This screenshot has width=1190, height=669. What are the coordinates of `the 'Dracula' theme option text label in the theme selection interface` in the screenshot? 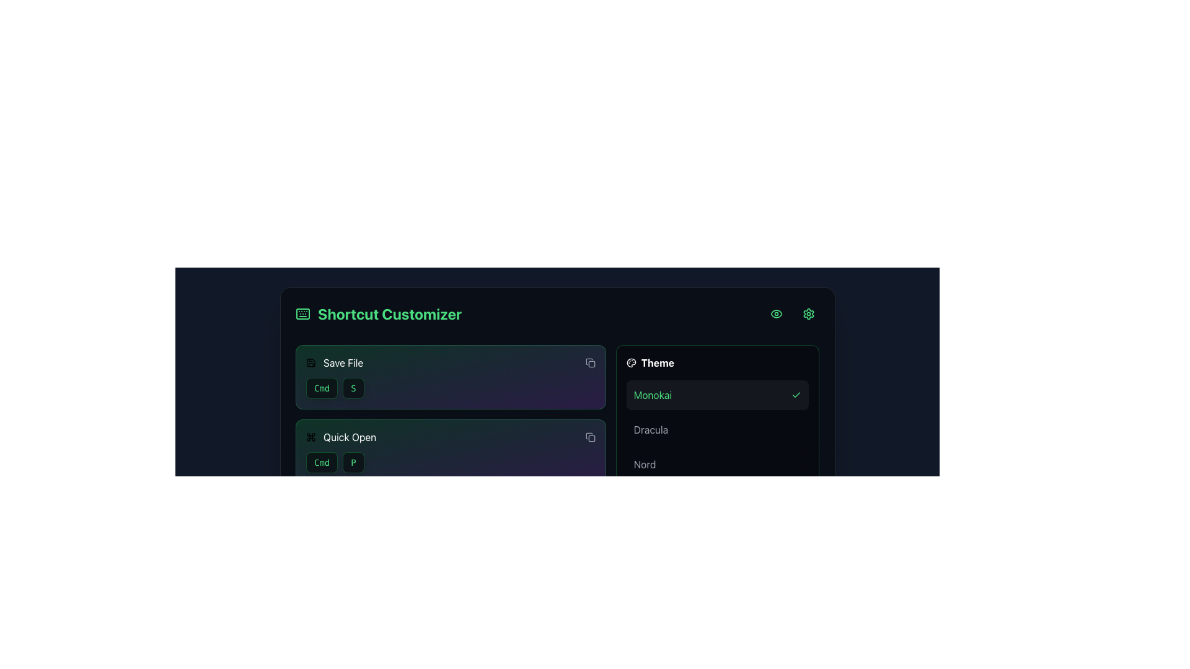 It's located at (650, 429).